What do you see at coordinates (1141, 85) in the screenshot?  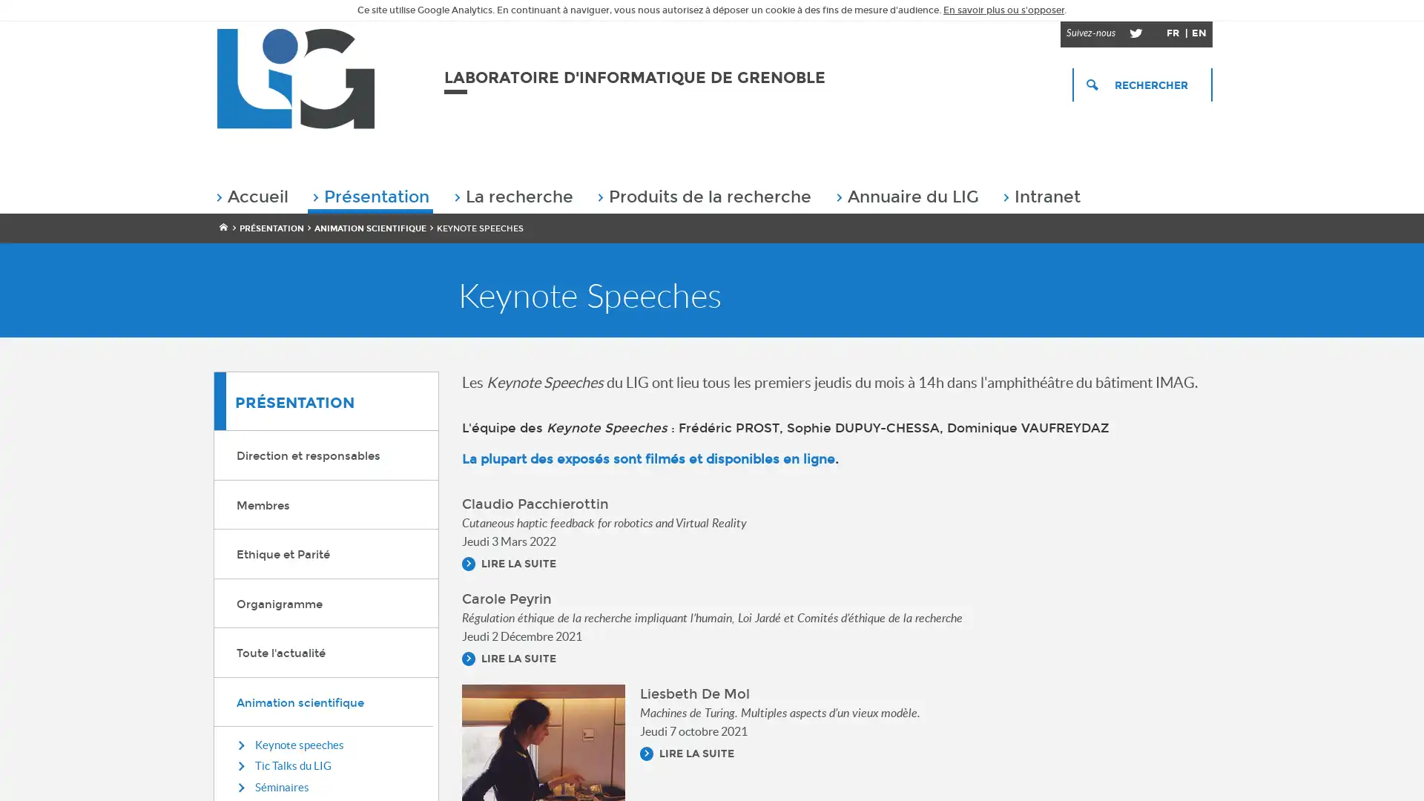 I see `RECHERCHER` at bounding box center [1141, 85].